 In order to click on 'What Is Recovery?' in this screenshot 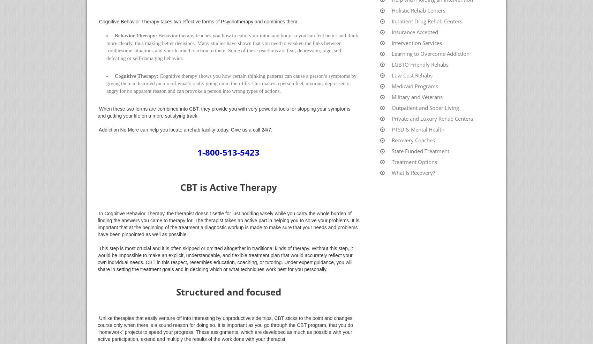, I will do `click(413, 172)`.